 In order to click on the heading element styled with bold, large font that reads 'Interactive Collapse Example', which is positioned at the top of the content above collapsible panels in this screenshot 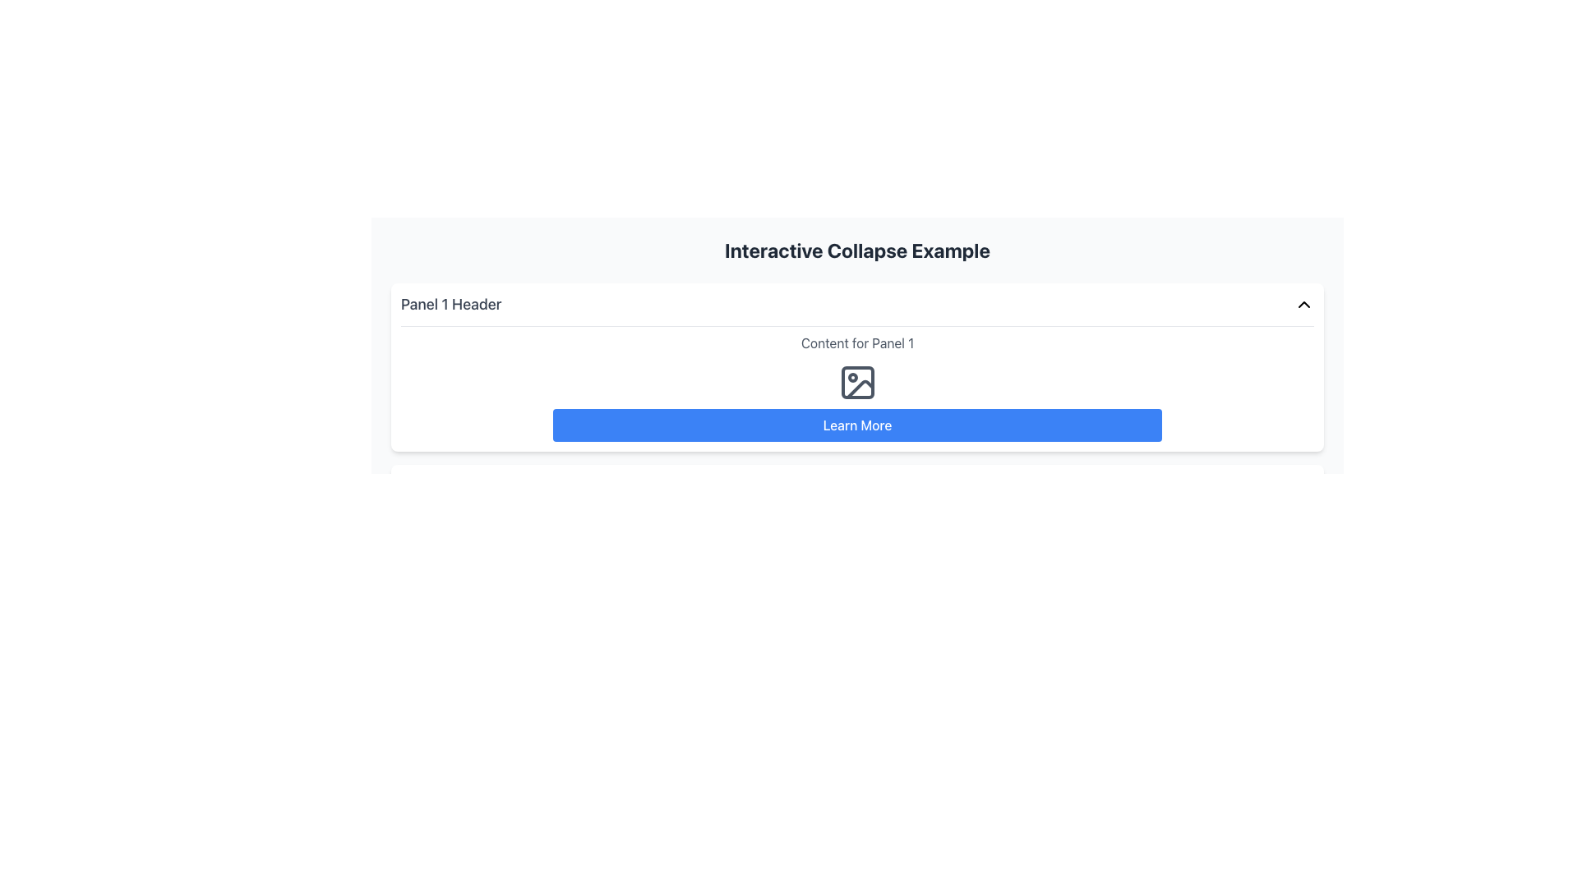, I will do `click(856, 250)`.